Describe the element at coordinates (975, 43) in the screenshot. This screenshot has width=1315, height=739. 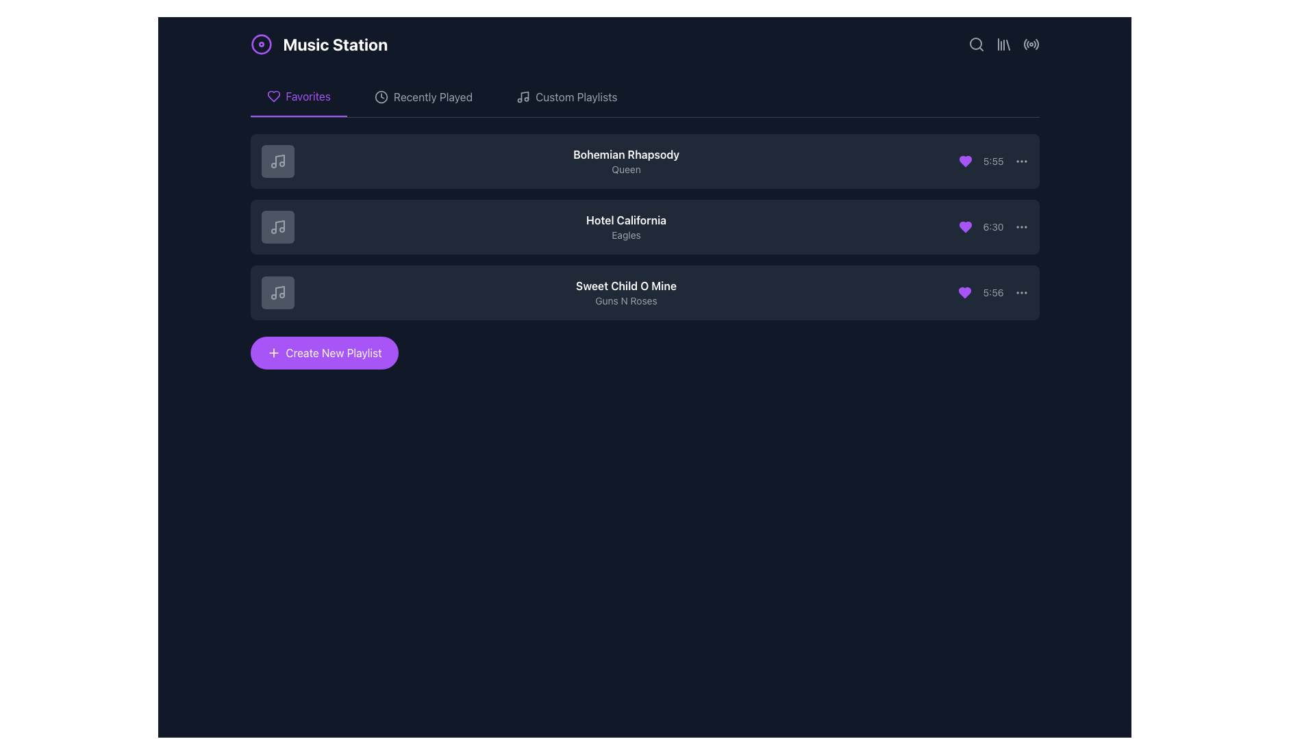
I see `the search icon located in the top-right corner of the interface to initiate the search action` at that location.